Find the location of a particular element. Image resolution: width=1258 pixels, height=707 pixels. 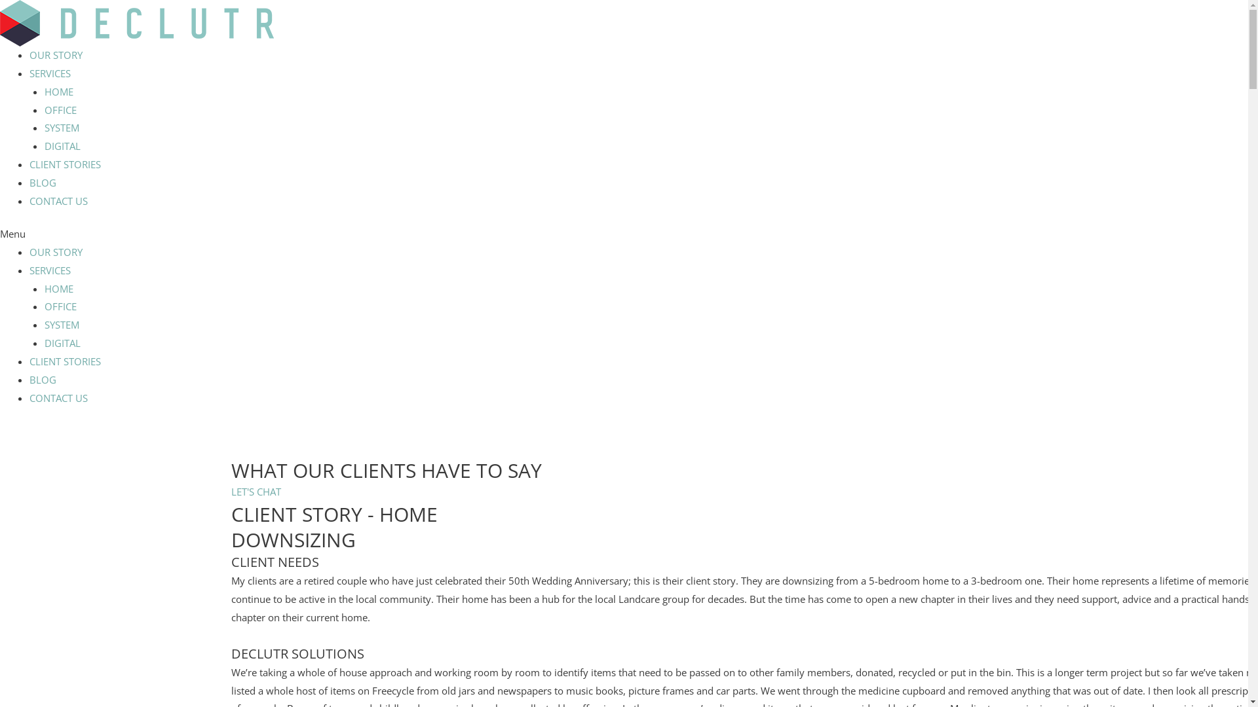

'OUR STORY' is located at coordinates (55, 54).